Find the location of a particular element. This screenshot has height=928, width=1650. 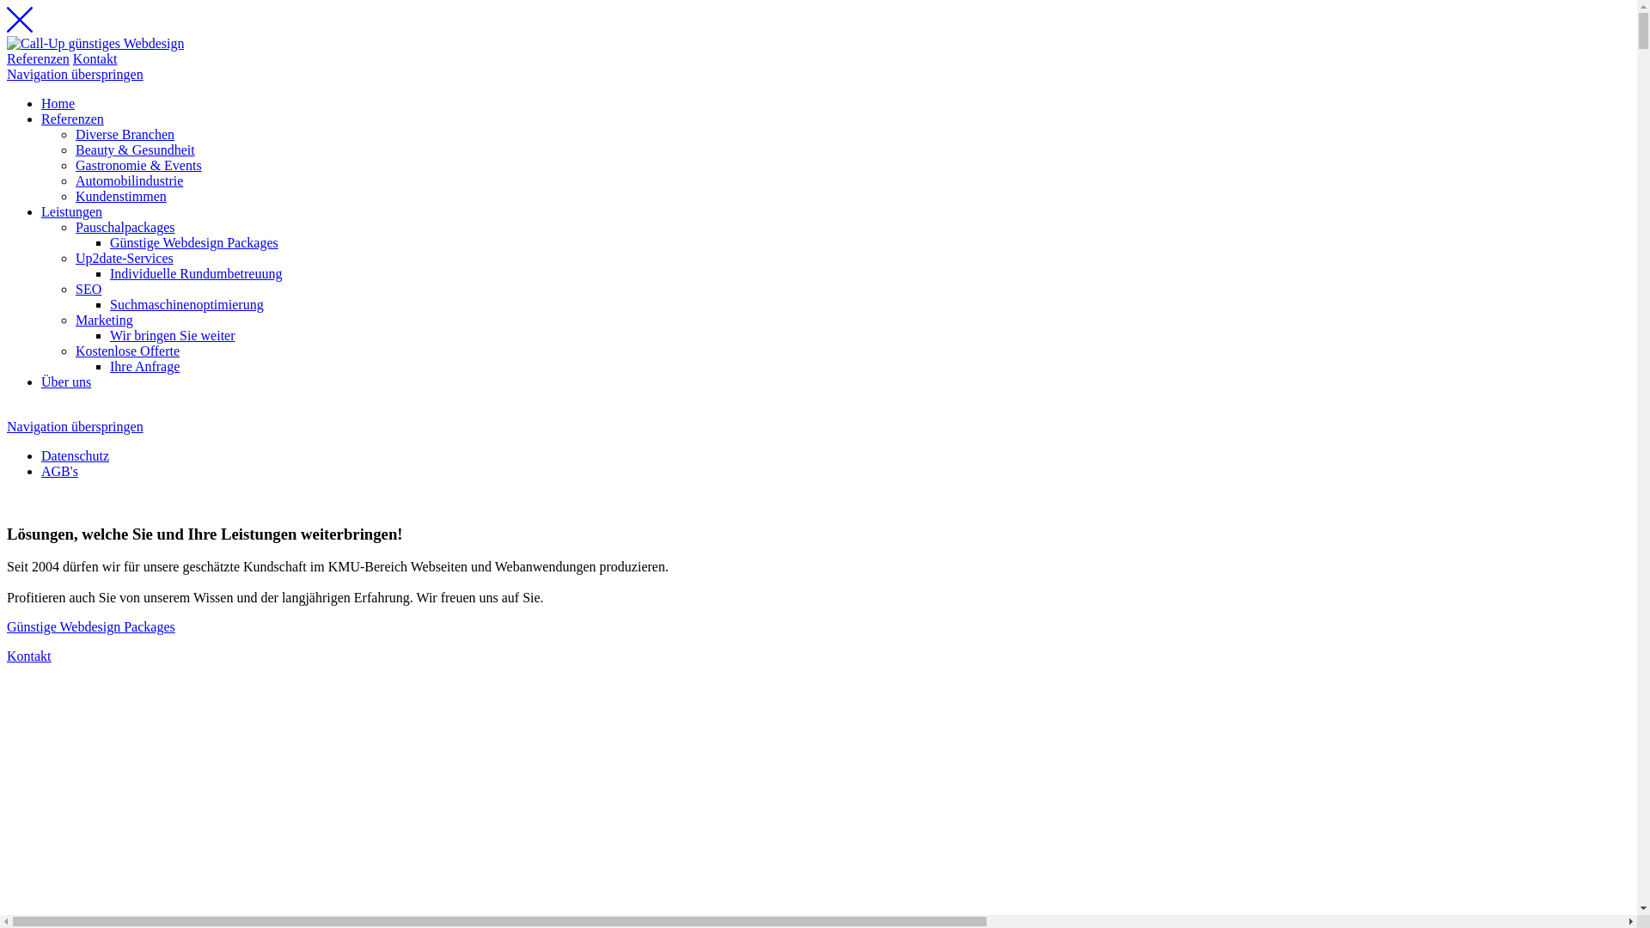

'Wir bringen Sie weiter' is located at coordinates (173, 335).